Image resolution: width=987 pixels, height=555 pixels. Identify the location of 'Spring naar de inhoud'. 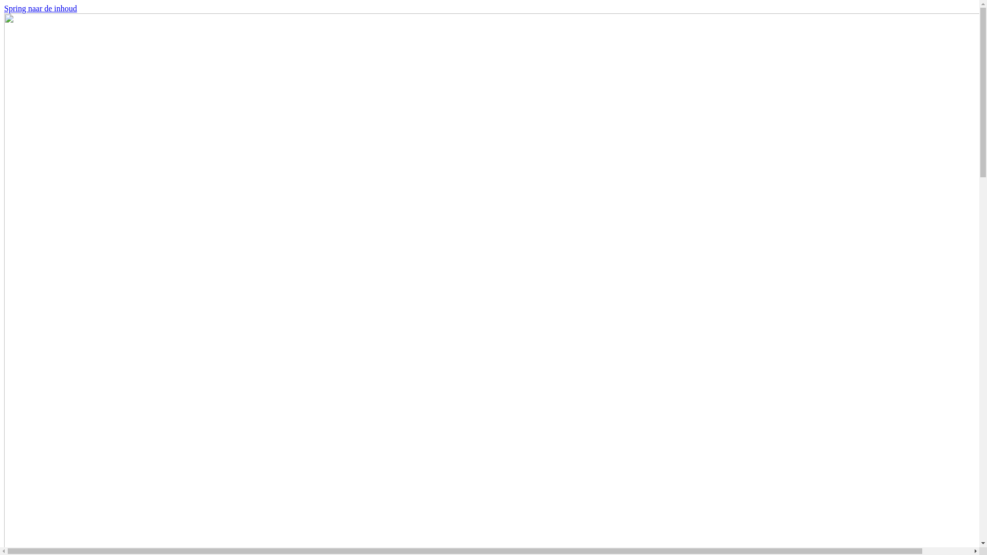
(4, 8).